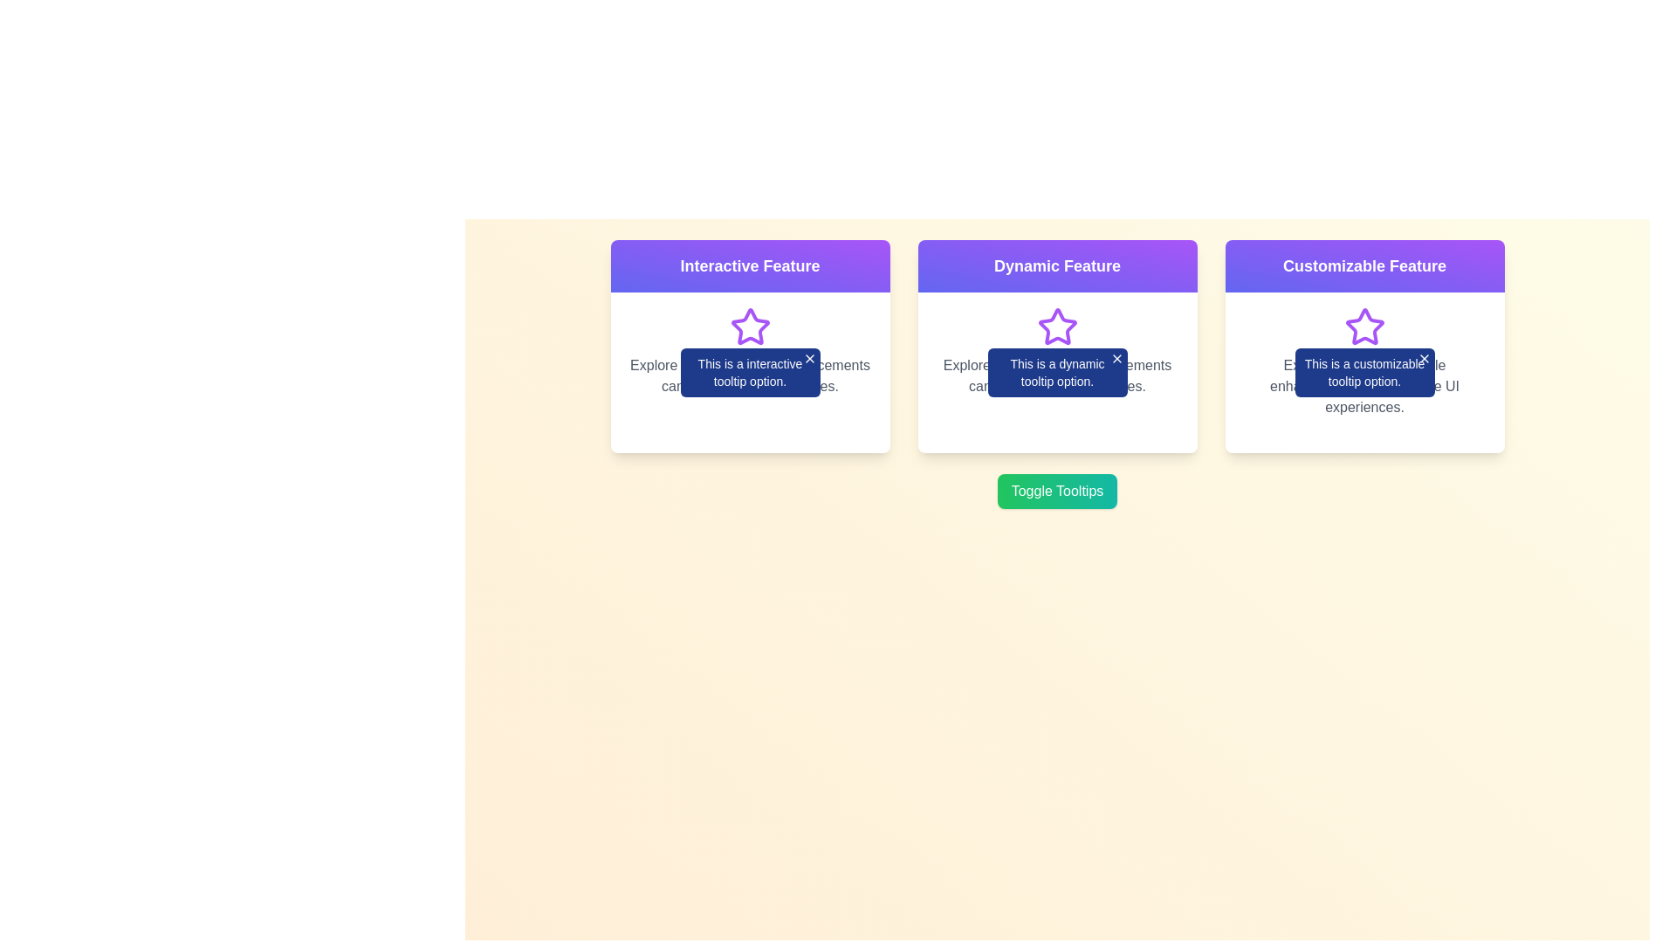  I want to click on the title text label of the third card, which is centrally aligned at the top portion of the card, indicating the main subject of its contents, so click(1363, 265).